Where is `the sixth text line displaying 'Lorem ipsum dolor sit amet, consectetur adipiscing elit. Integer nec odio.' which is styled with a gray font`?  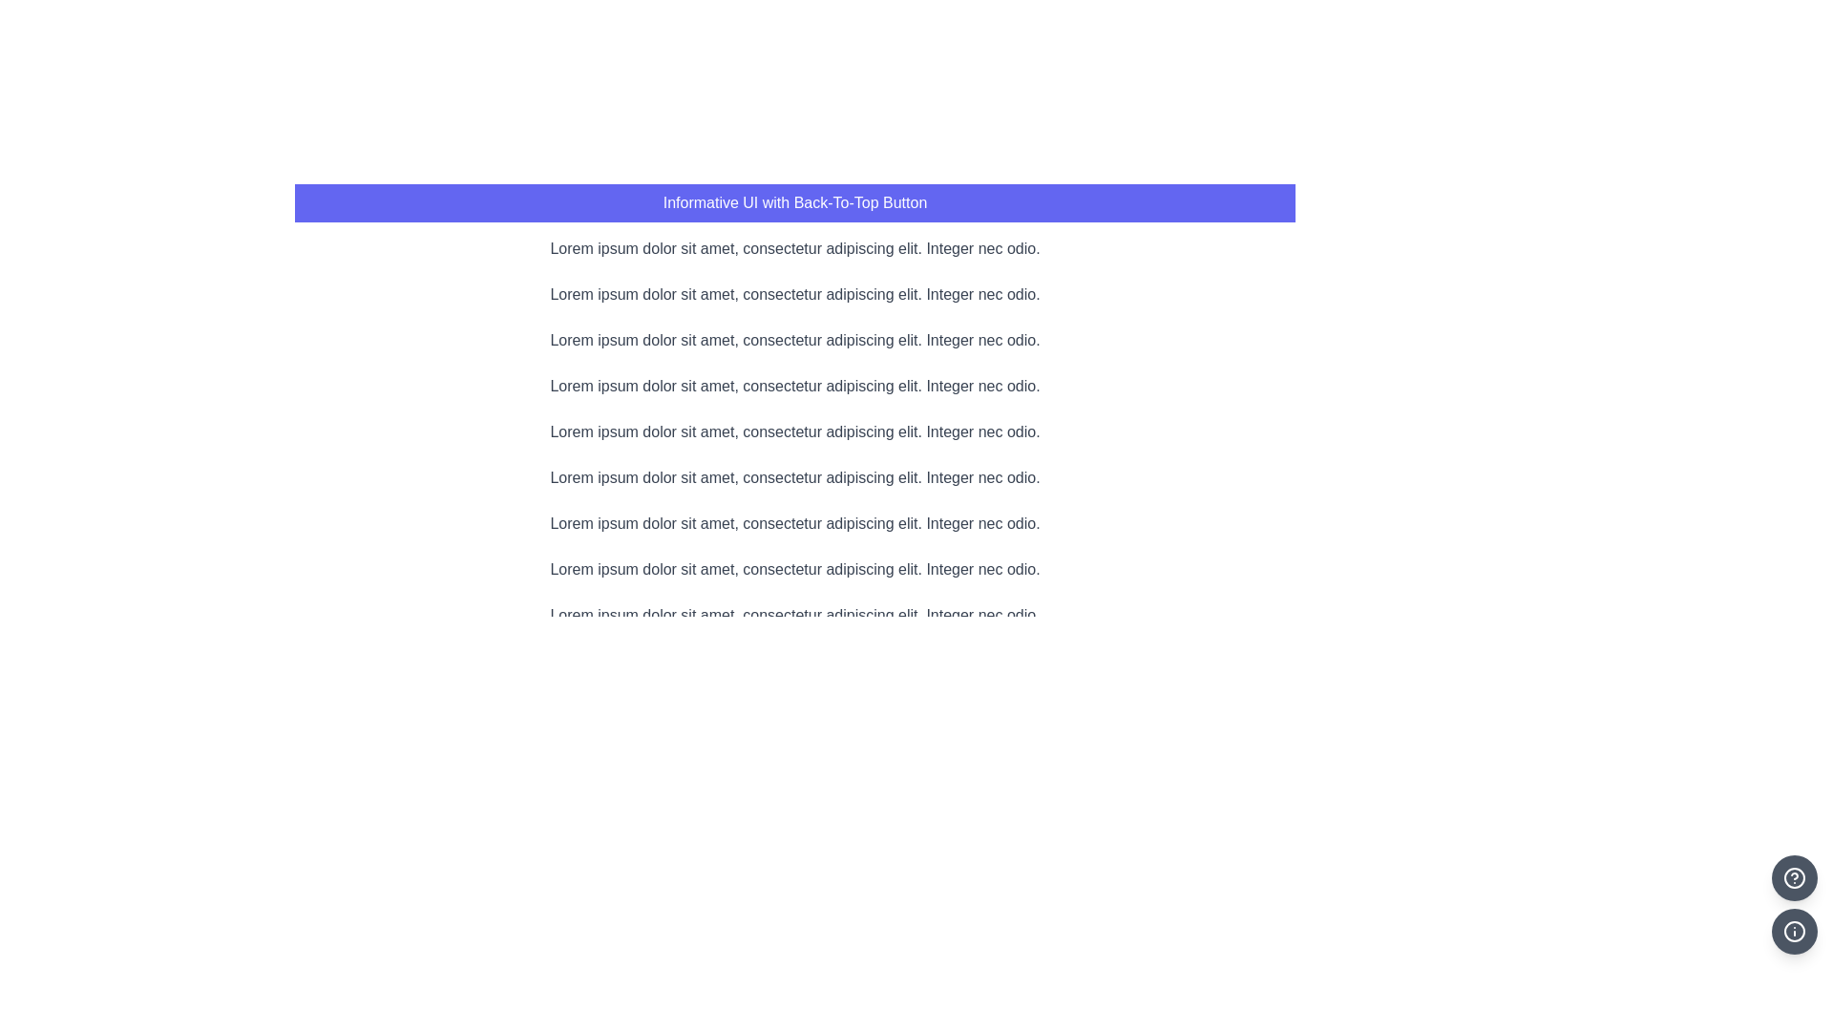
the sixth text line displaying 'Lorem ipsum dolor sit amet, consectetur adipiscing elit. Integer nec odio.' which is styled with a gray font is located at coordinates (795, 477).